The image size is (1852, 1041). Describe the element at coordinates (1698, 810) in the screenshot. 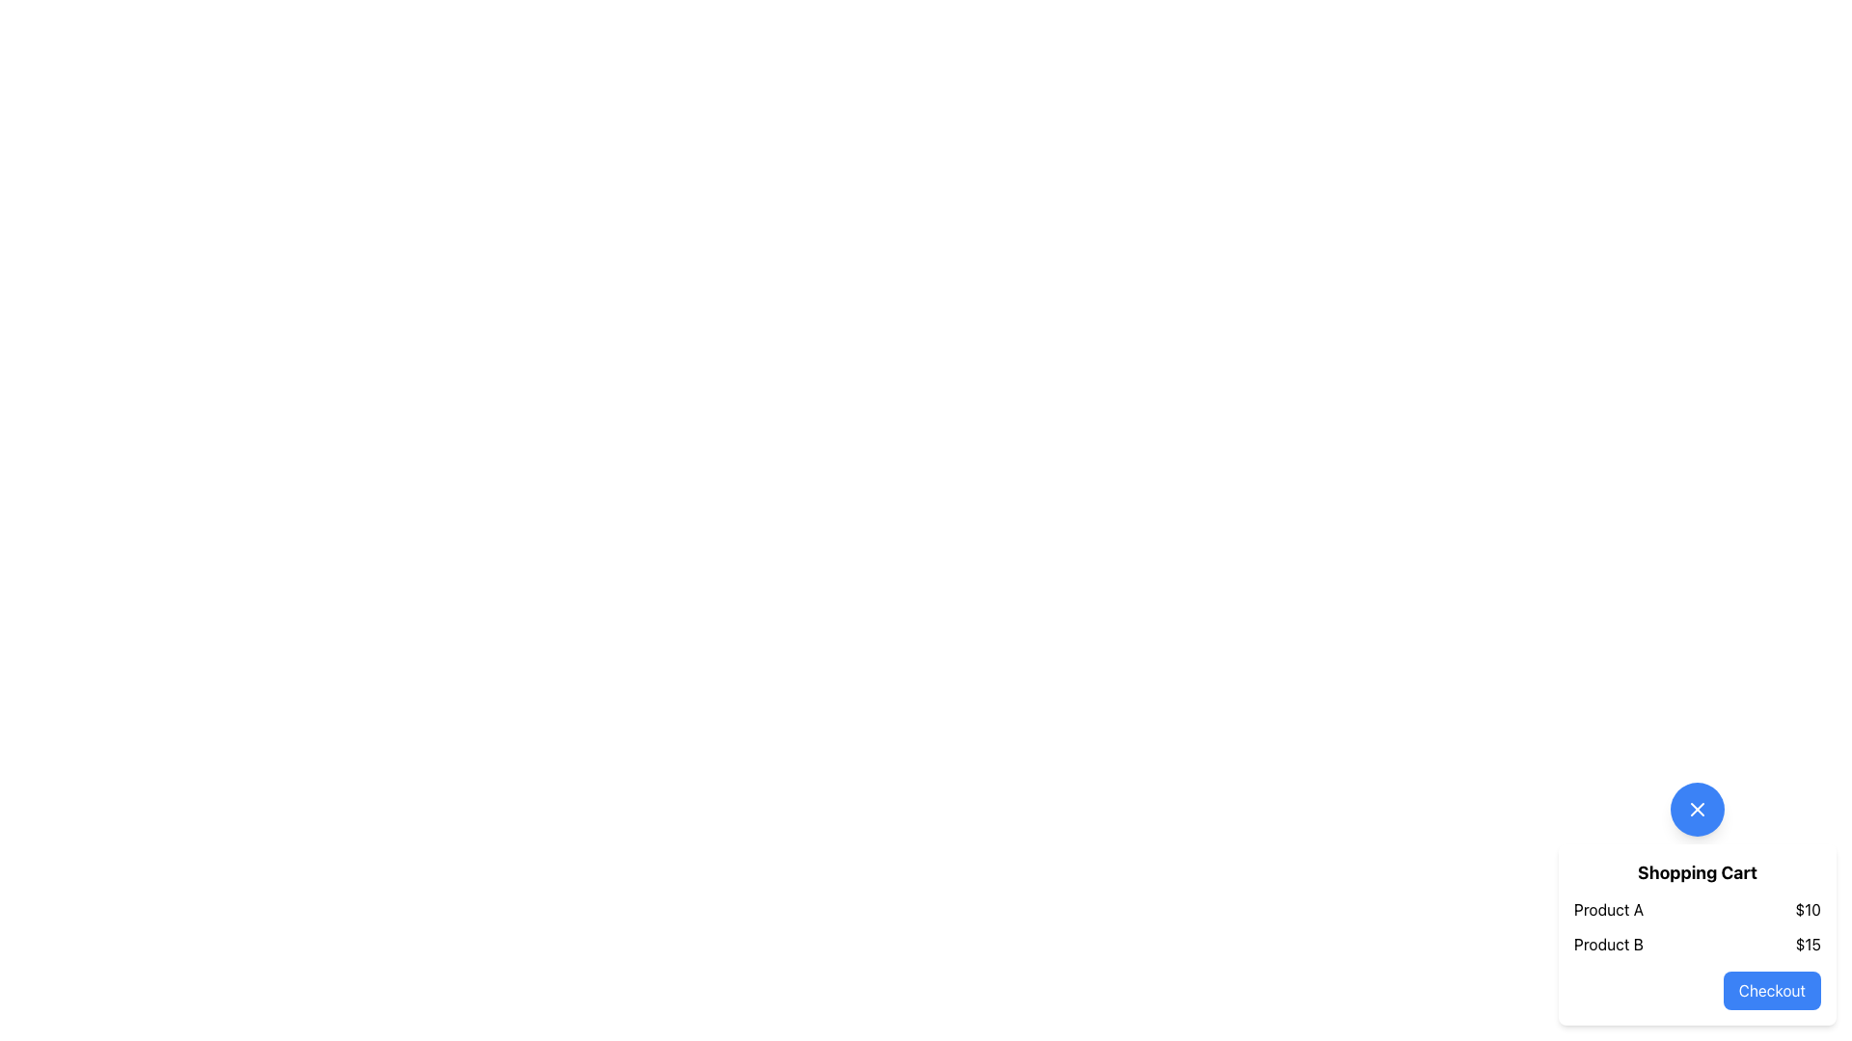

I see `the Close Icon located in the center of the blue circular button above the shopping cart display` at that location.